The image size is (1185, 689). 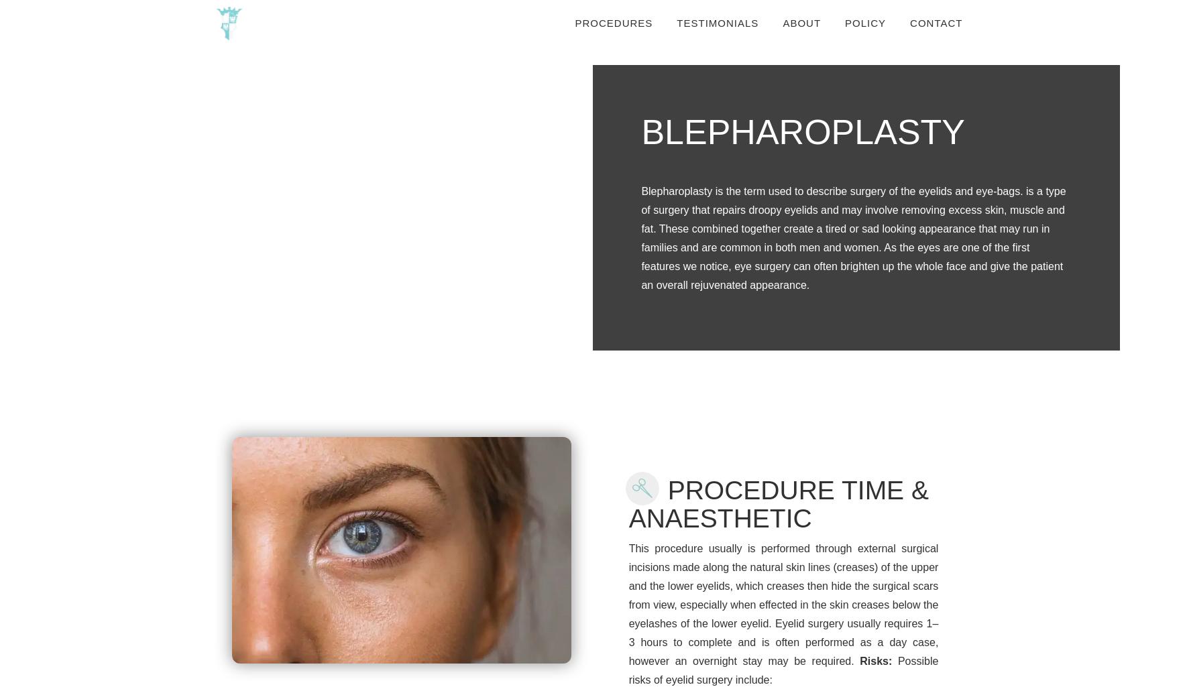 What do you see at coordinates (628, 669) in the screenshot?
I see `'Possible risks of eyelid surgery include:'` at bounding box center [628, 669].